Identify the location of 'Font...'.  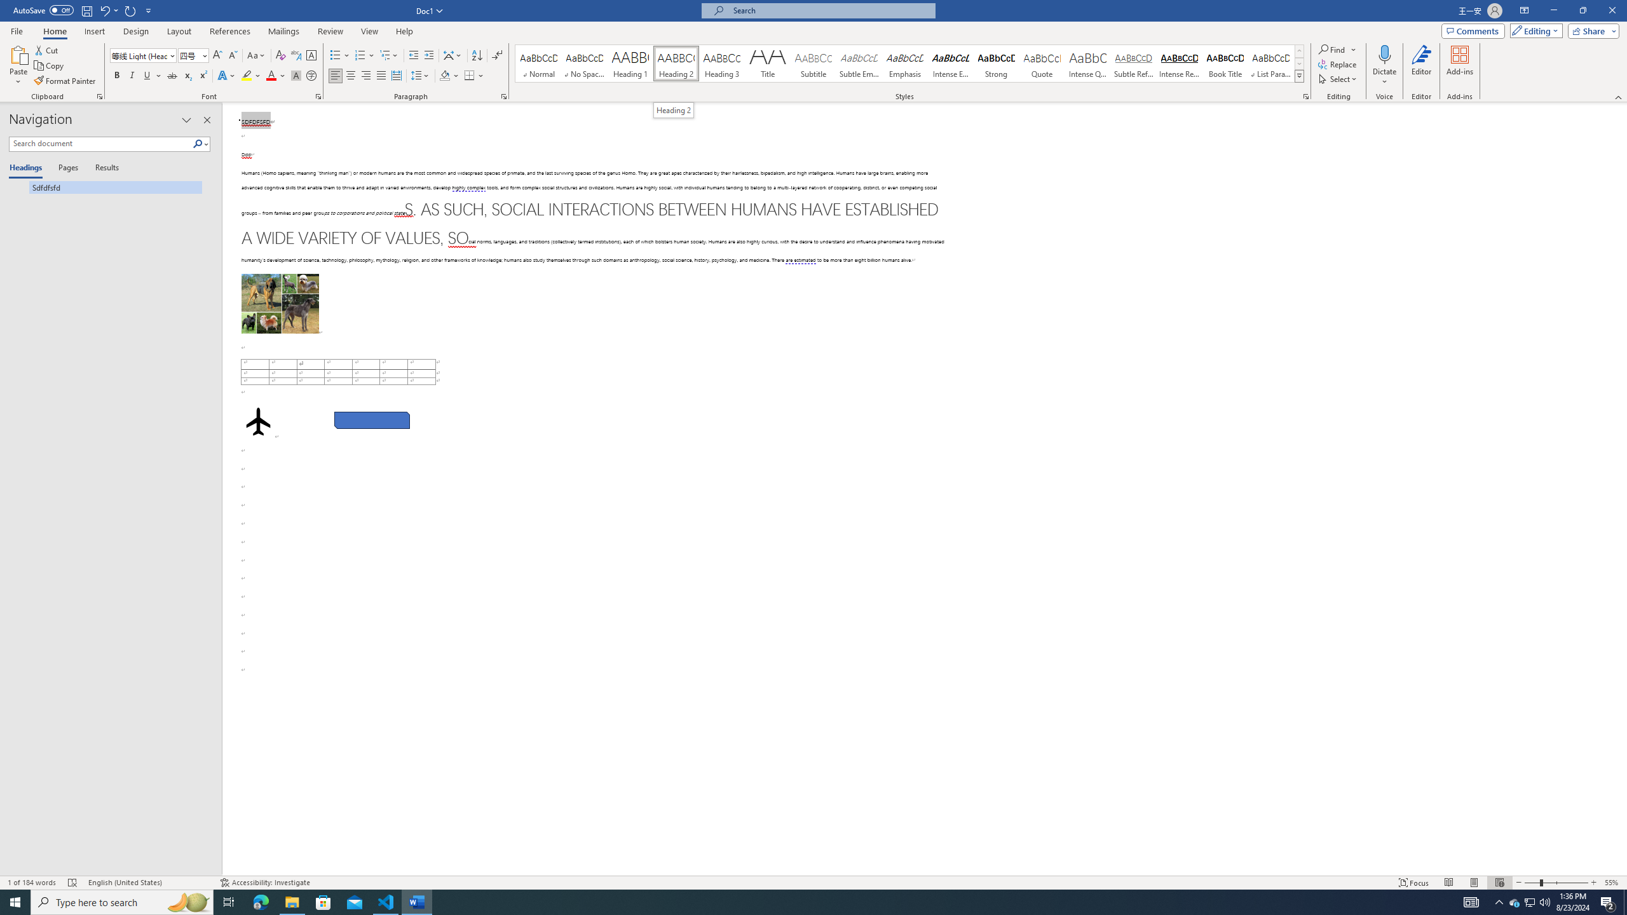
(318, 95).